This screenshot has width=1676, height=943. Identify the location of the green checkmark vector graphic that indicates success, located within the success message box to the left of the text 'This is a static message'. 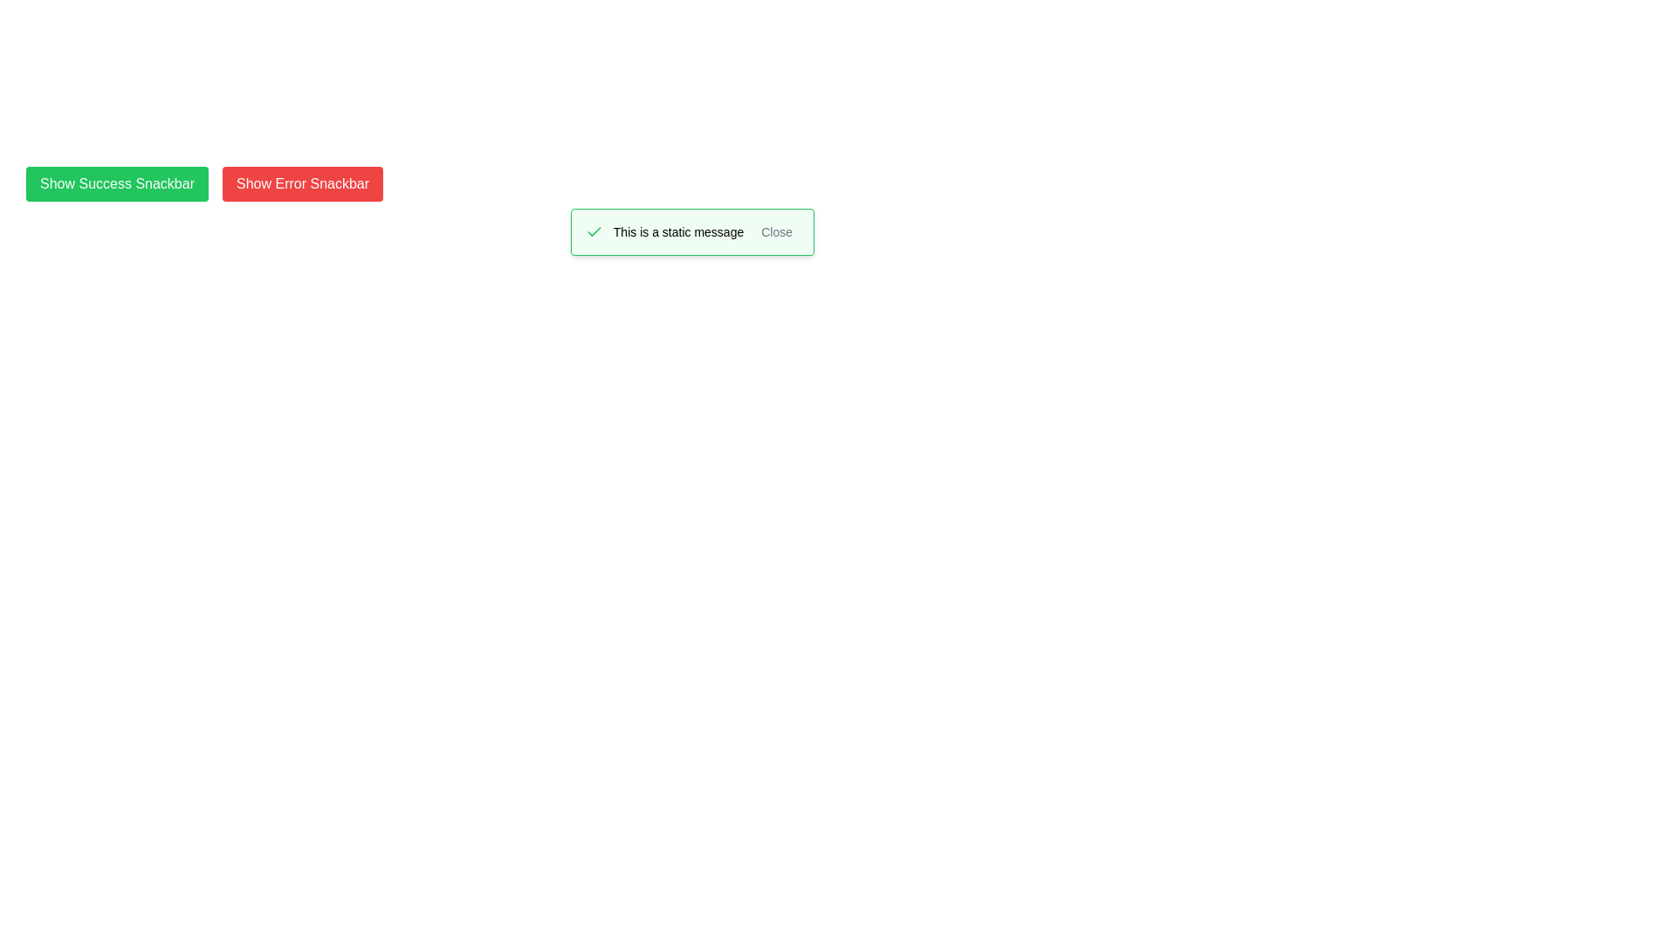
(594, 231).